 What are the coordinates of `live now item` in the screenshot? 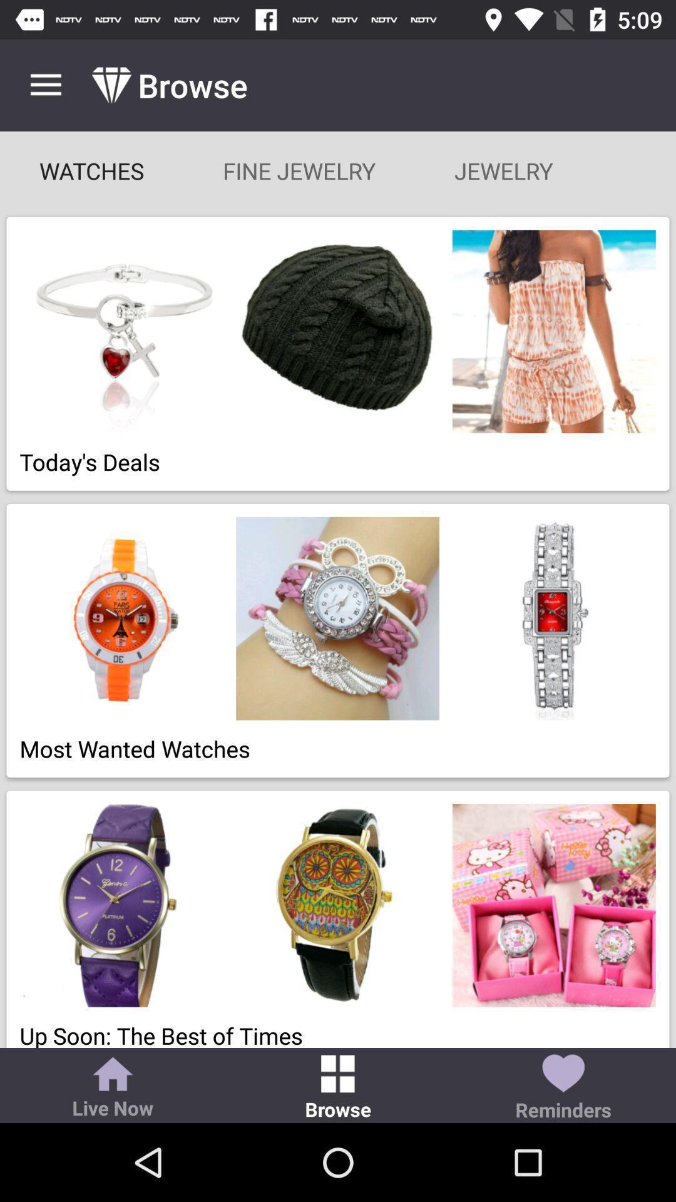 It's located at (113, 1088).